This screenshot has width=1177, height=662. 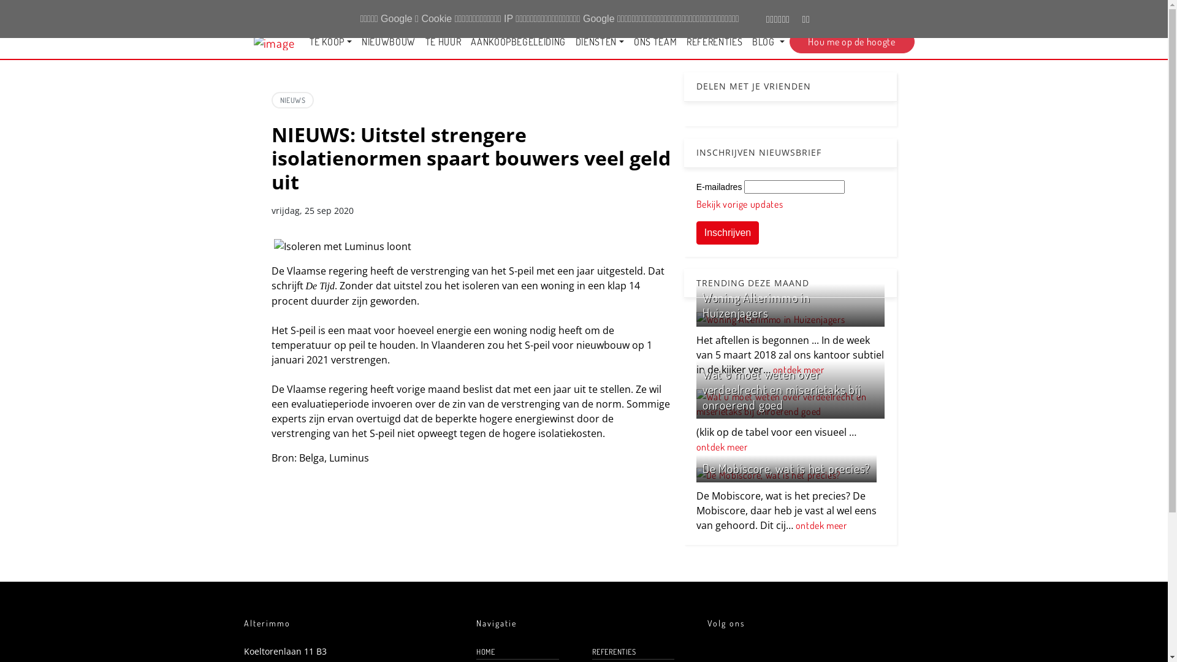 What do you see at coordinates (839, 12) in the screenshot?
I see `'  Eigenaarslogin'` at bounding box center [839, 12].